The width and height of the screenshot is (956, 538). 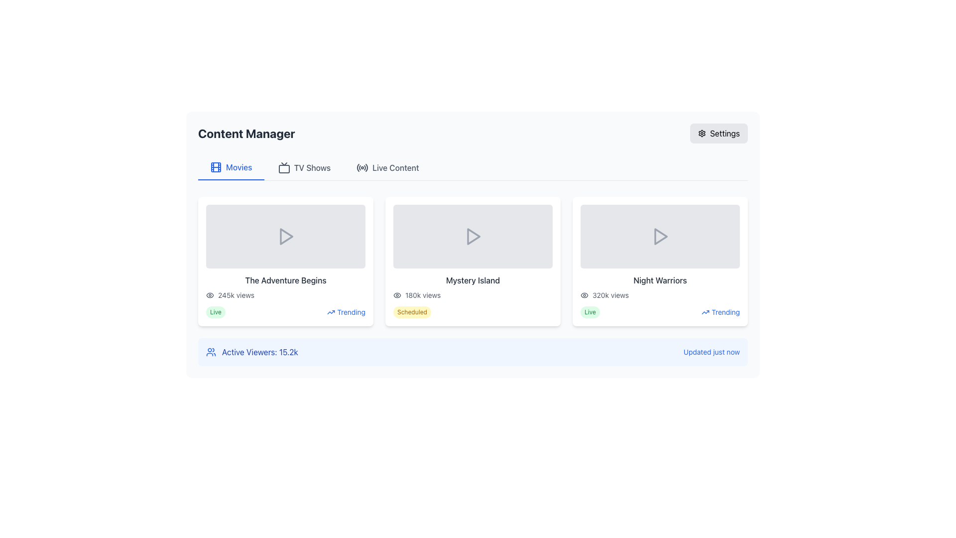 I want to click on the play icon located centrally within the thumbnail area of the 'Mystery Island' content item, so click(x=473, y=236).